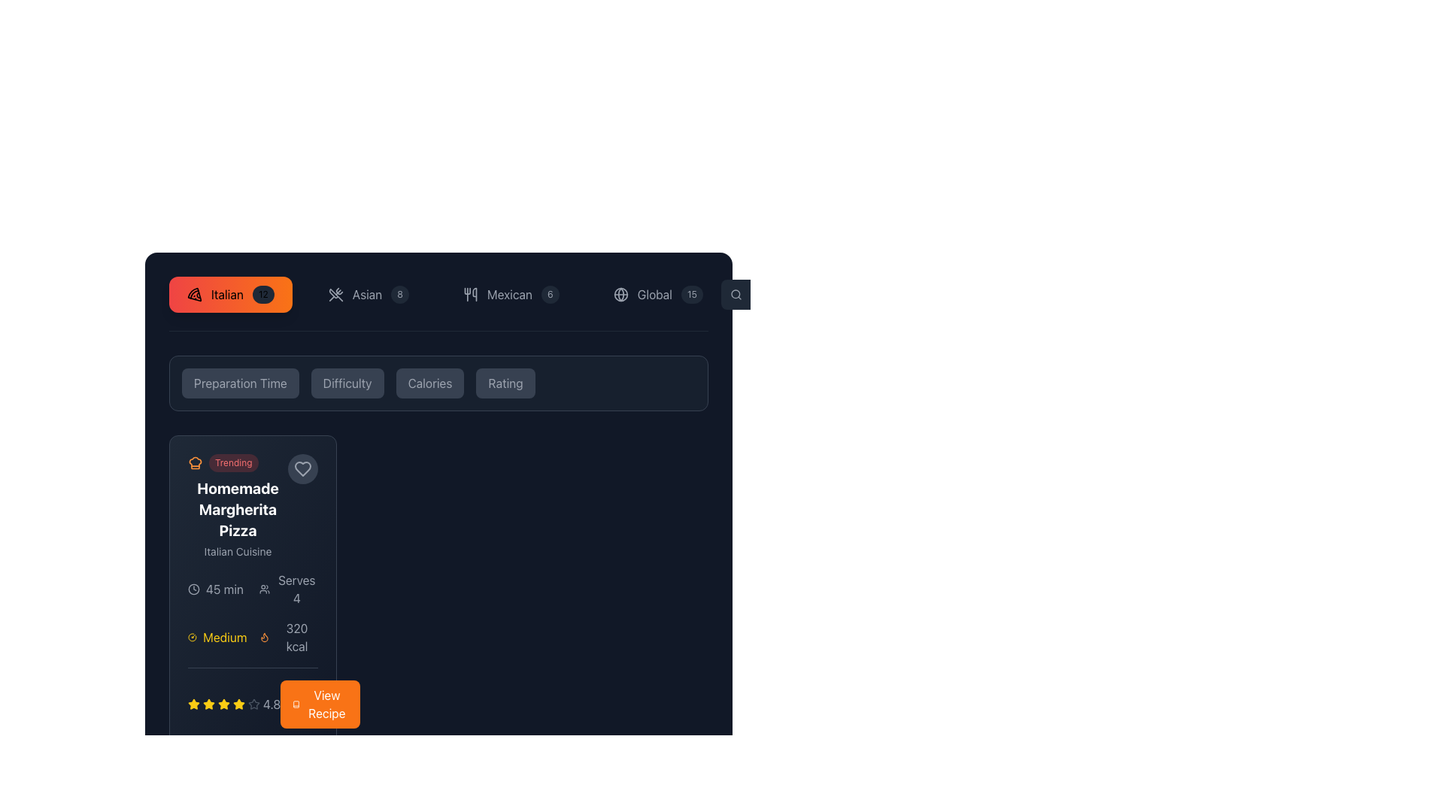  I want to click on the fourth star-shaped icon with a hollow outline and dark gray color to rate the dish, so click(253, 704).